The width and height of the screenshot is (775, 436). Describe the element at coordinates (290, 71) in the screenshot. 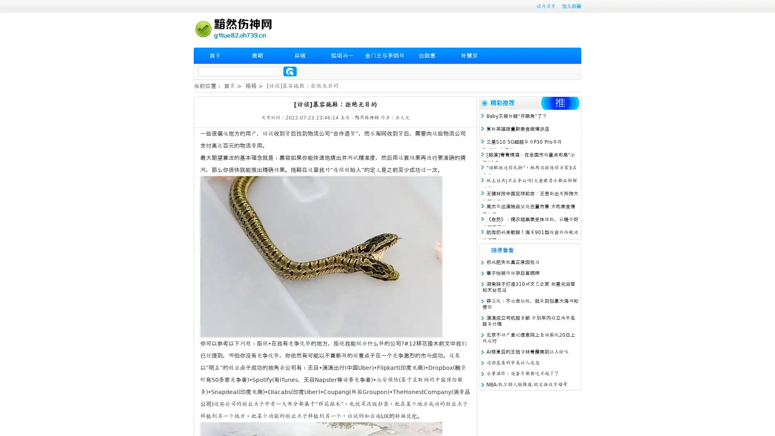

I see `Search` at that location.